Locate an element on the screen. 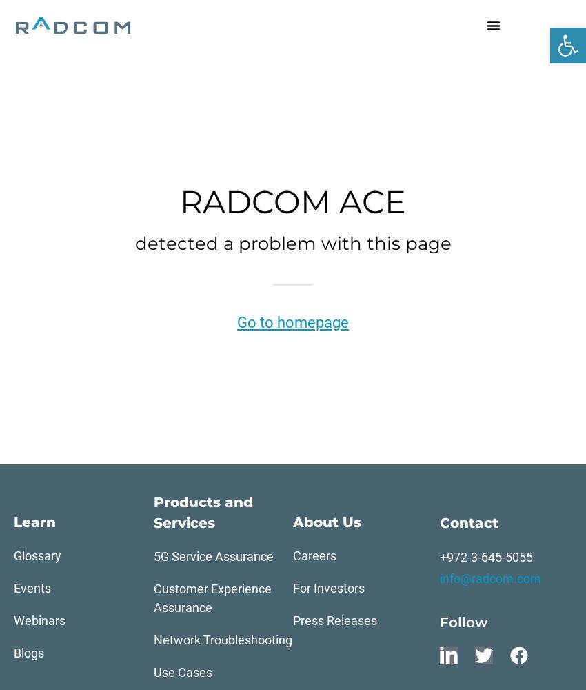 The width and height of the screenshot is (586, 690). 'Webinars' is located at coordinates (12, 620).